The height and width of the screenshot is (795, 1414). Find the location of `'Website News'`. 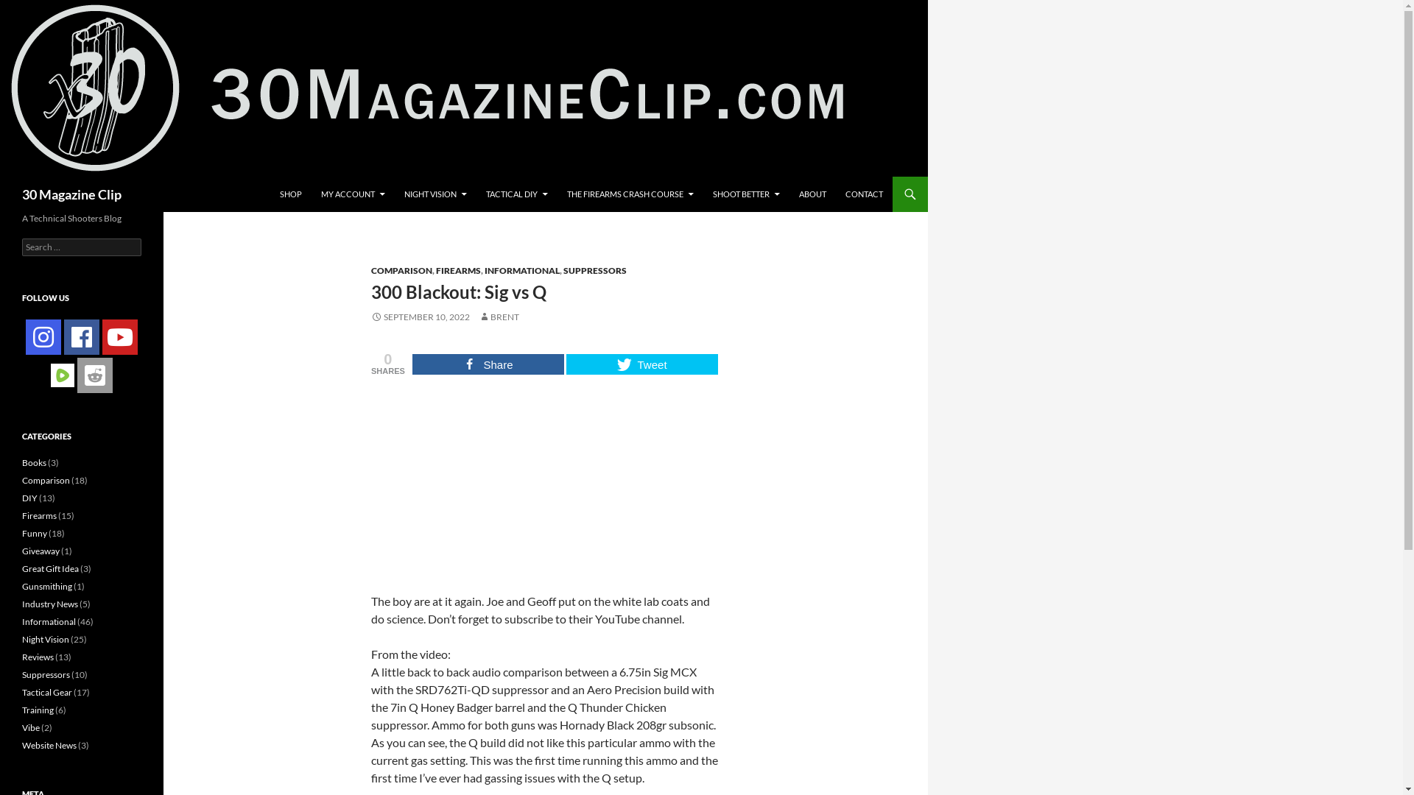

'Website News' is located at coordinates (49, 745).